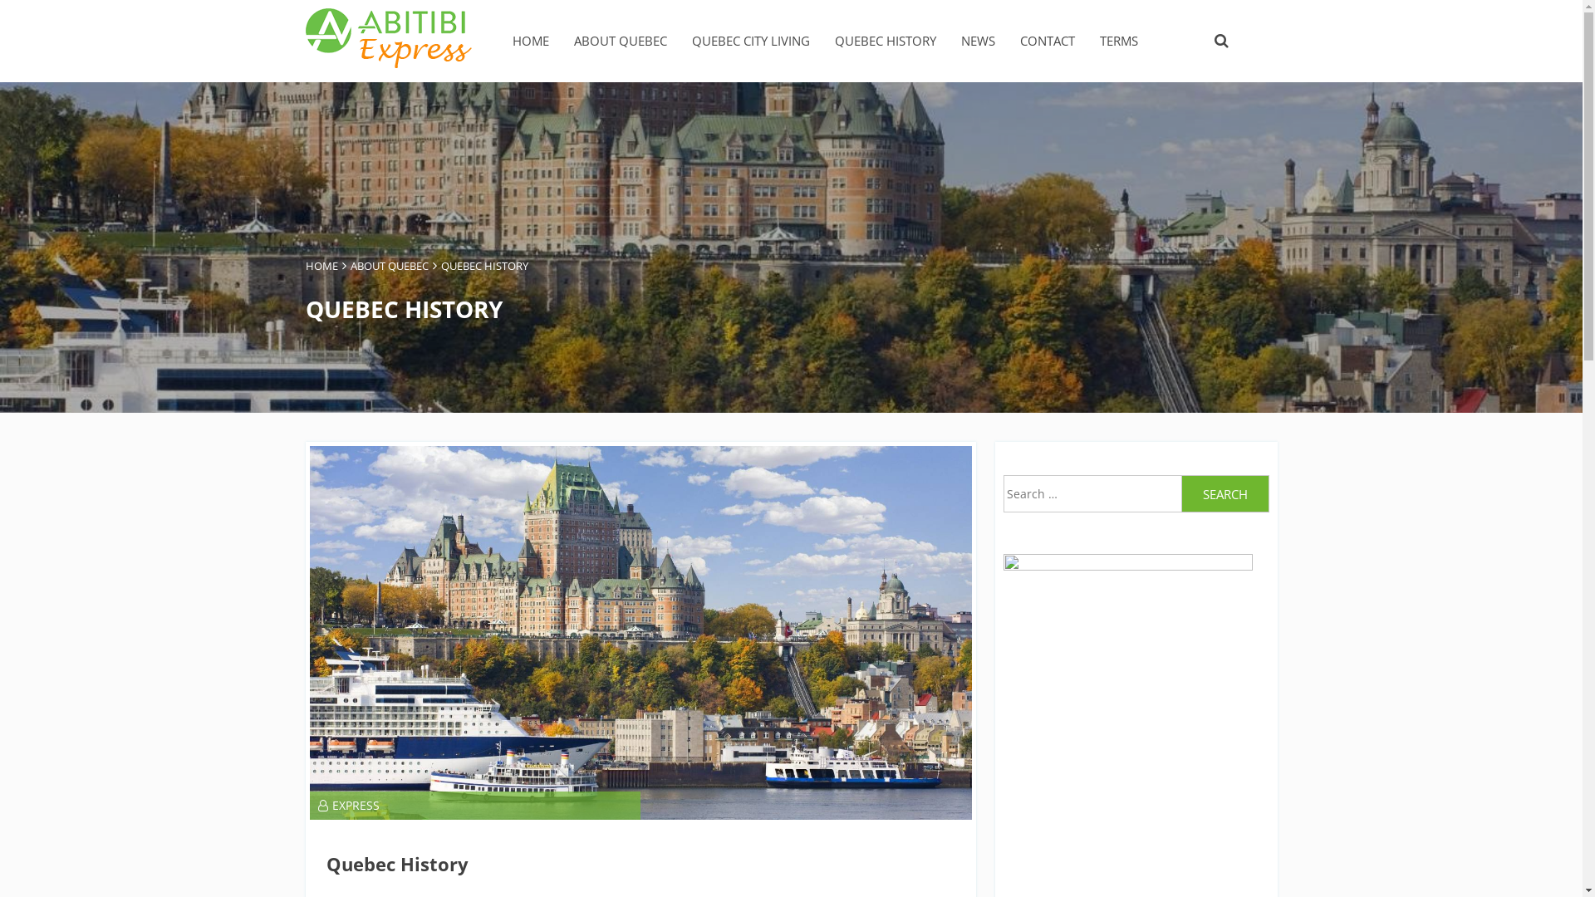 The width and height of the screenshot is (1595, 897). Describe the element at coordinates (306, 265) in the screenshot. I see `'HOME'` at that location.